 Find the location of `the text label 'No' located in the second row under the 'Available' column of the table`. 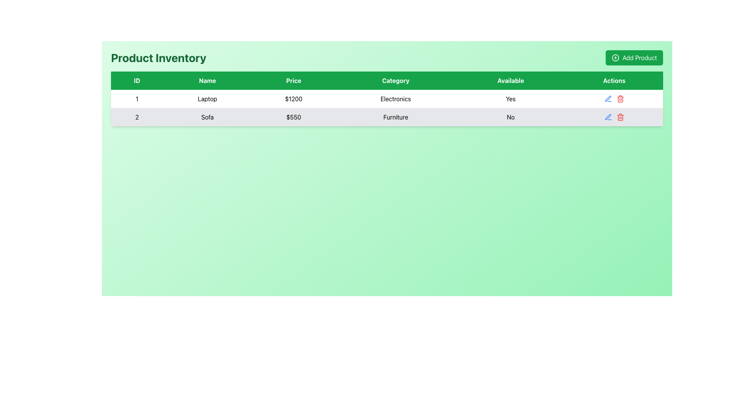

the text label 'No' located in the second row under the 'Available' column of the table is located at coordinates (511, 117).